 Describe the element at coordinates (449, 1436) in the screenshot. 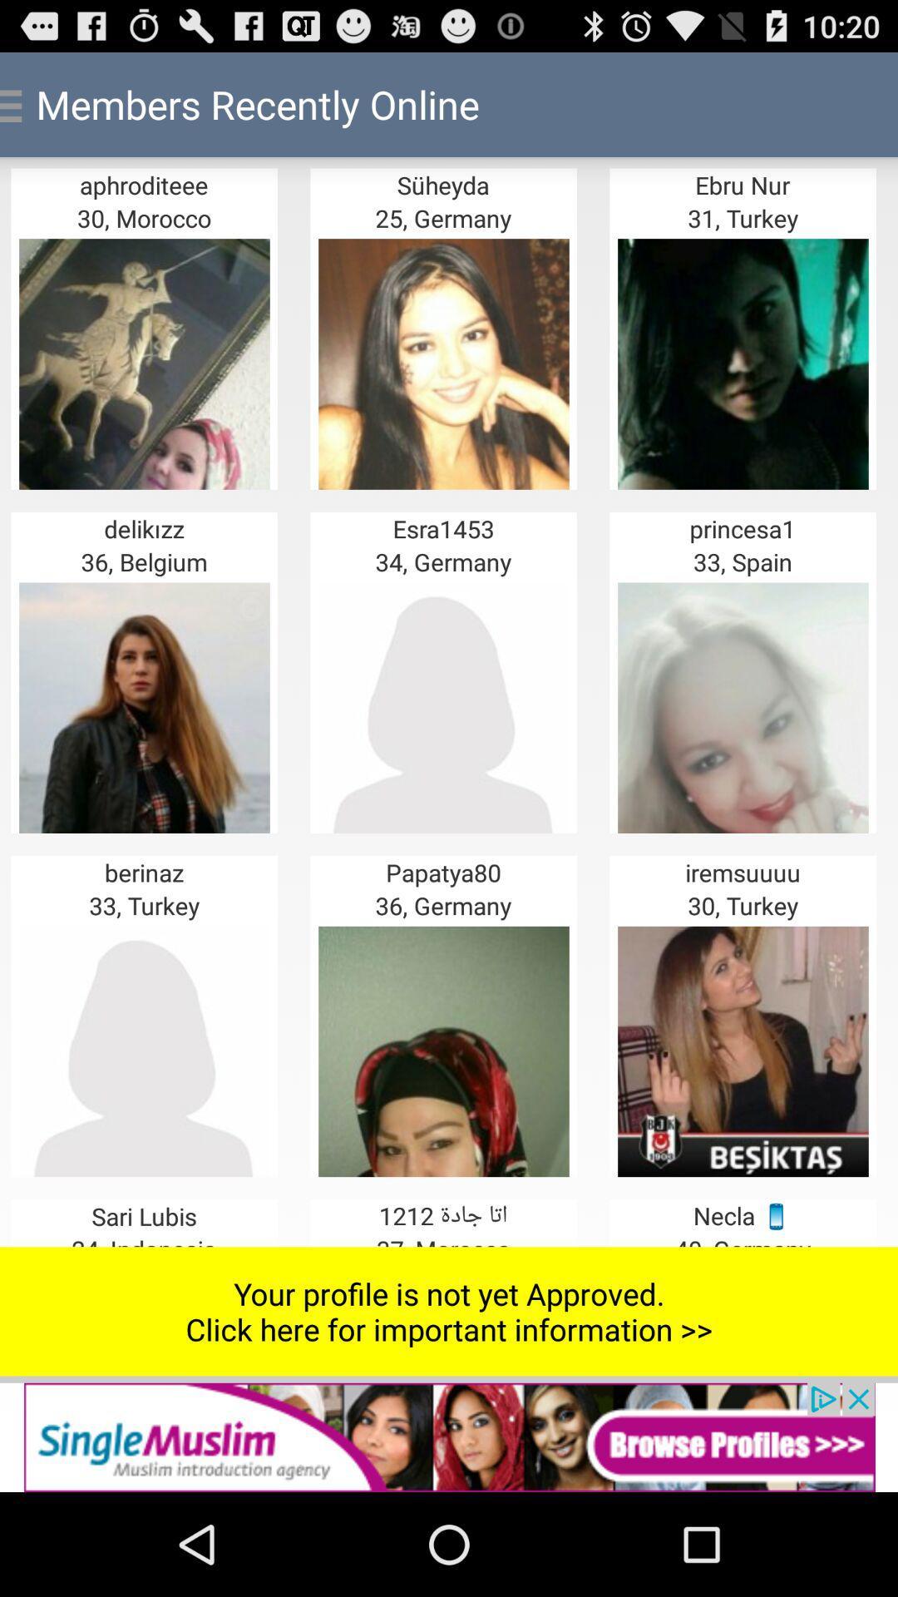

I see `advertisement page` at that location.